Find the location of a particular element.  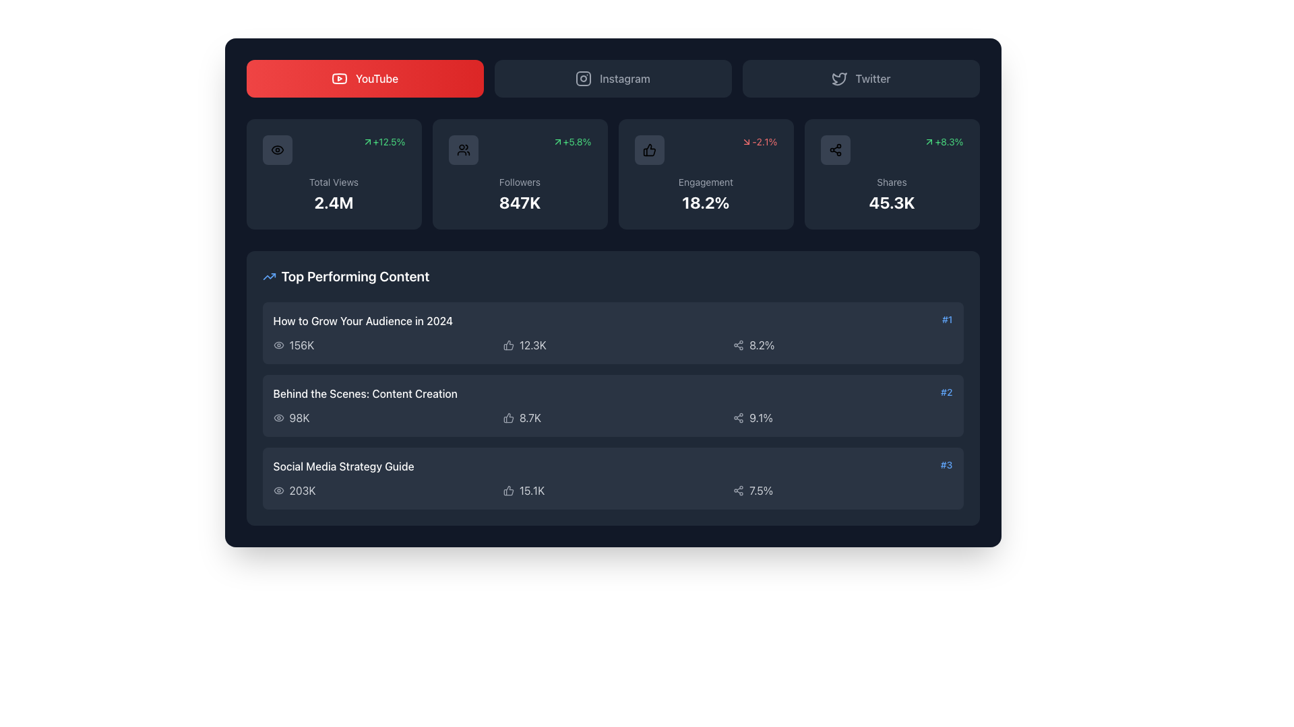

the downward-right arrow icon with a red stroke, which is located next to the text '-2.1%' in the dashboard grid is located at coordinates (746, 142).